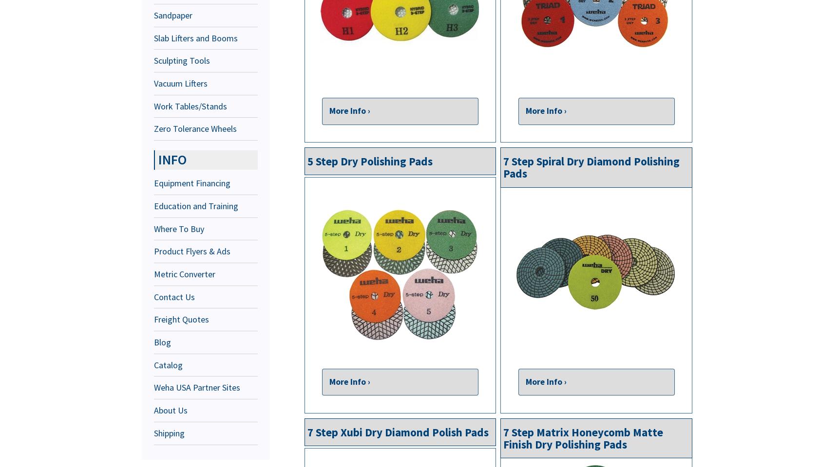  I want to click on 'Product Flyers & Ads', so click(192, 251).